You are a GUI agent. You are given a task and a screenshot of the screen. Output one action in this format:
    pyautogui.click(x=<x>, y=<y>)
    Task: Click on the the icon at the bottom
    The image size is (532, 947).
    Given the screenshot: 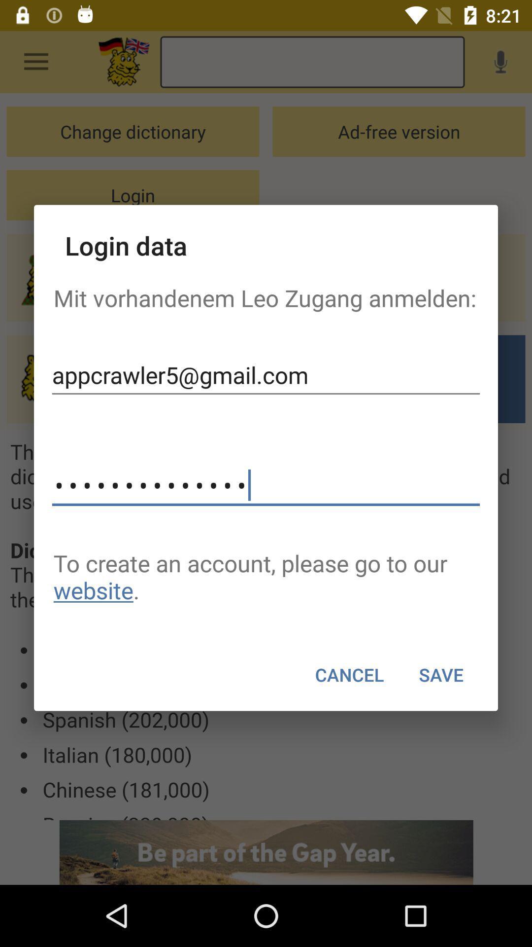 What is the action you would take?
    pyautogui.click(x=349, y=674)
    